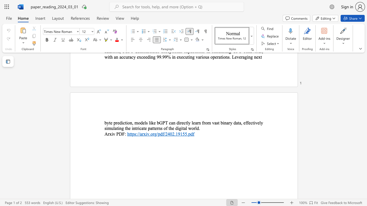 The height and width of the screenshot is (206, 367). I want to click on the subset text "DF:" within the text "Arxiv PDF:", so click(118, 134).